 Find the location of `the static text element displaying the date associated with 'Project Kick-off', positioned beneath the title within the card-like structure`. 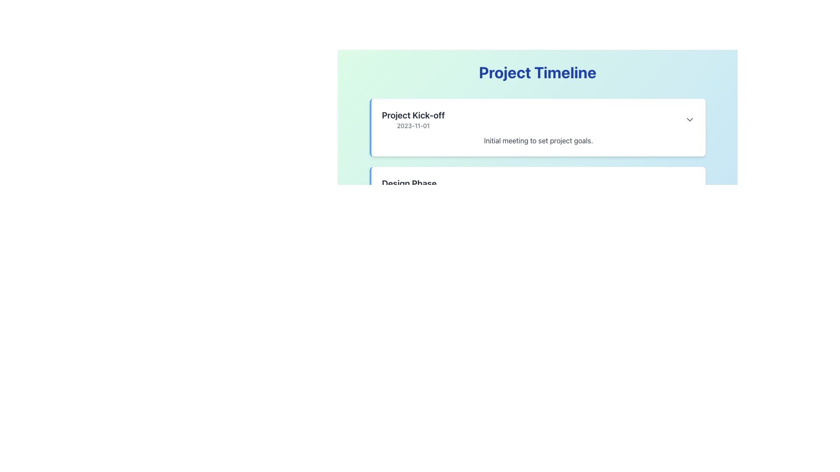

the static text element displaying the date associated with 'Project Kick-off', positioned beneath the title within the card-like structure is located at coordinates (413, 126).